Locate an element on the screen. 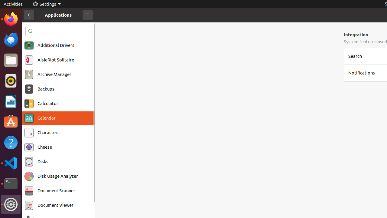 This screenshot has height=218, width=387. 'Archive Manager' is located at coordinates (54, 74).